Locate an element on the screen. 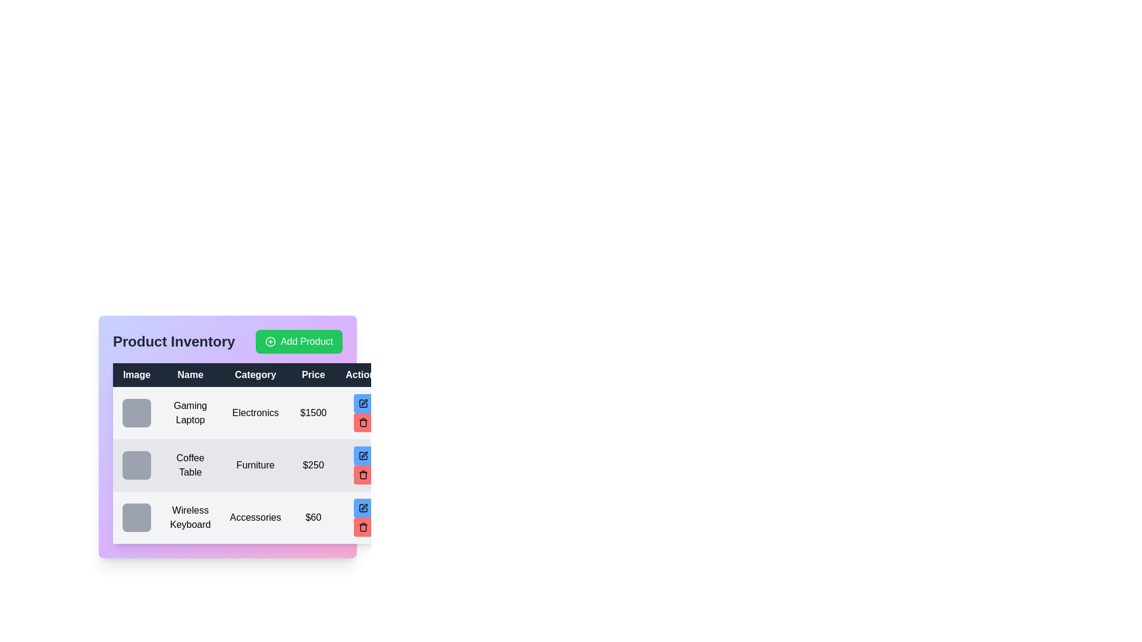  the edit icon in the 'Actions' column of the second row of the product inventory table to initiate editing for the product is located at coordinates (363, 454).